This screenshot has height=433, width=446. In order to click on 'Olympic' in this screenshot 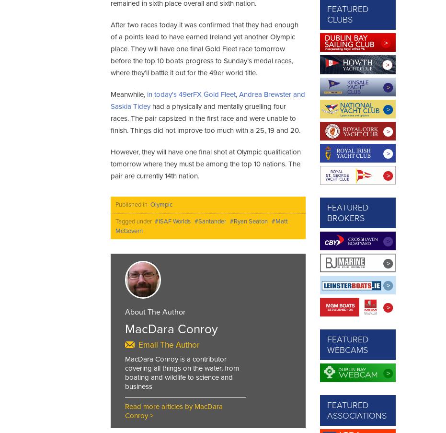, I will do `click(160, 204)`.